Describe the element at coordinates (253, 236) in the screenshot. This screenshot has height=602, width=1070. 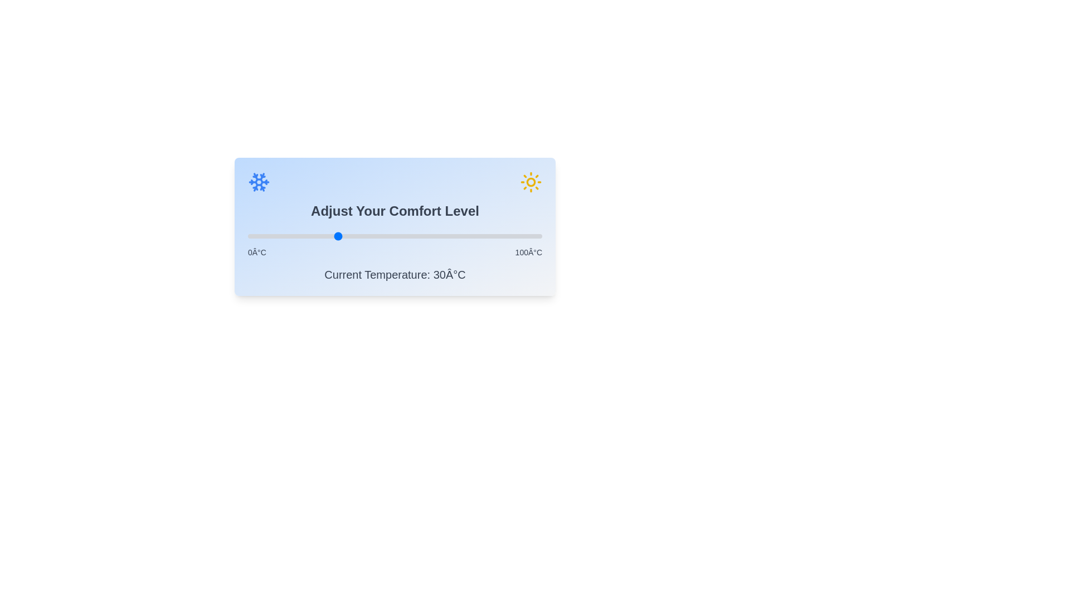
I see `the slider to set the temperature to 2°C` at that location.